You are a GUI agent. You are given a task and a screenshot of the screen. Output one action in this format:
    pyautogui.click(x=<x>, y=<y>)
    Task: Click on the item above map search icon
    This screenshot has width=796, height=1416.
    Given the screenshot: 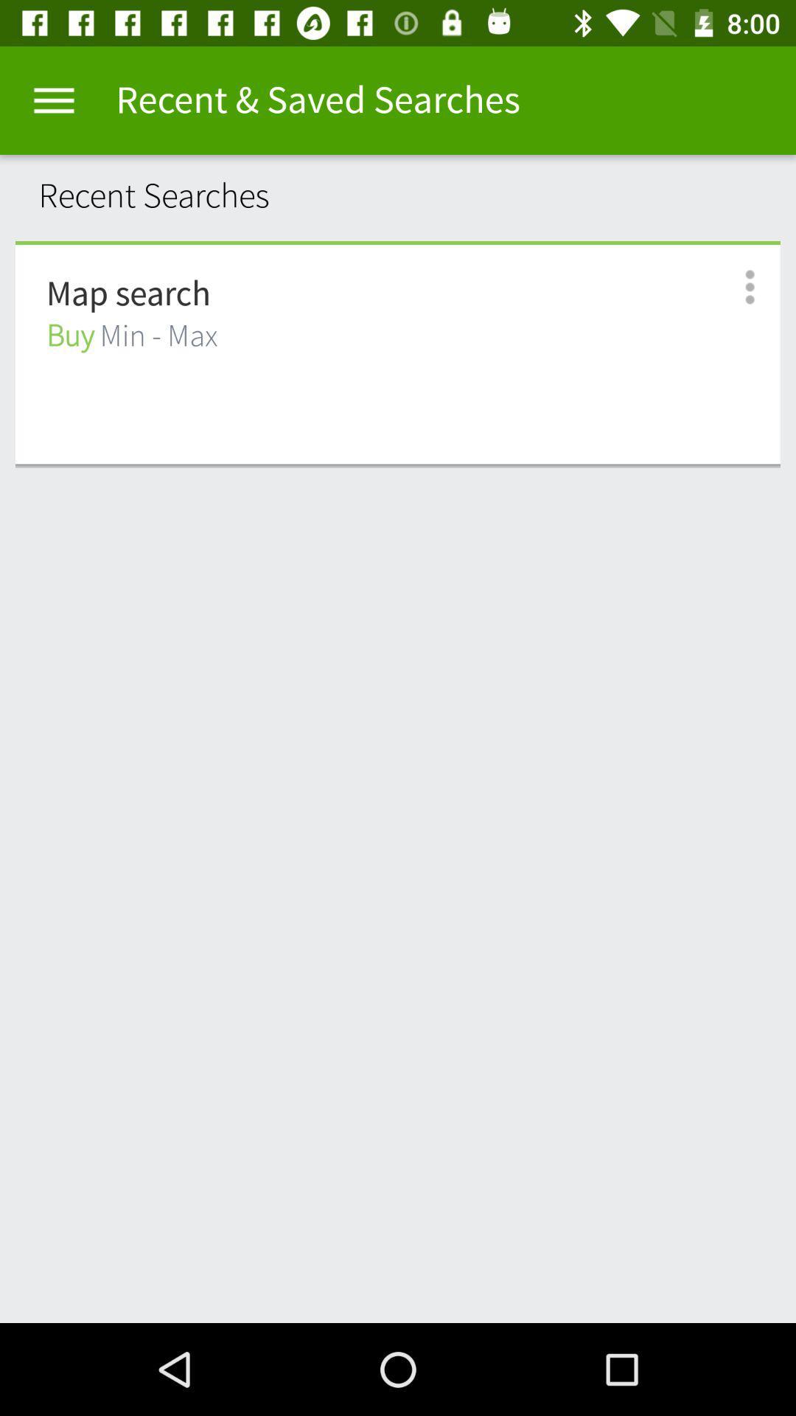 What is the action you would take?
    pyautogui.click(x=398, y=243)
    